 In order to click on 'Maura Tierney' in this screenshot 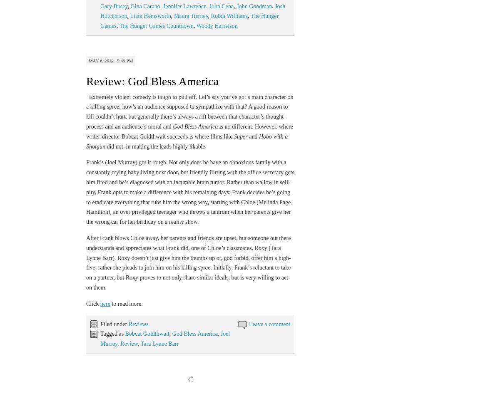, I will do `click(174, 15)`.